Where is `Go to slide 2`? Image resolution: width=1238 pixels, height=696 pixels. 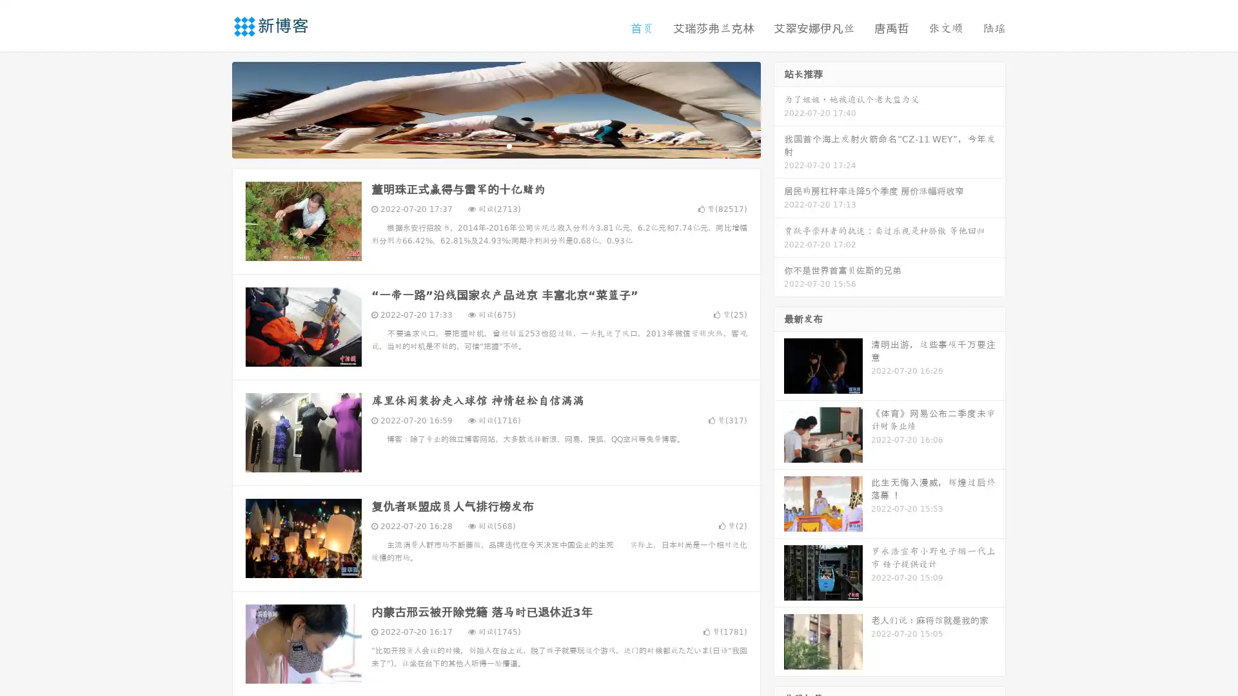
Go to slide 2 is located at coordinates (495, 145).